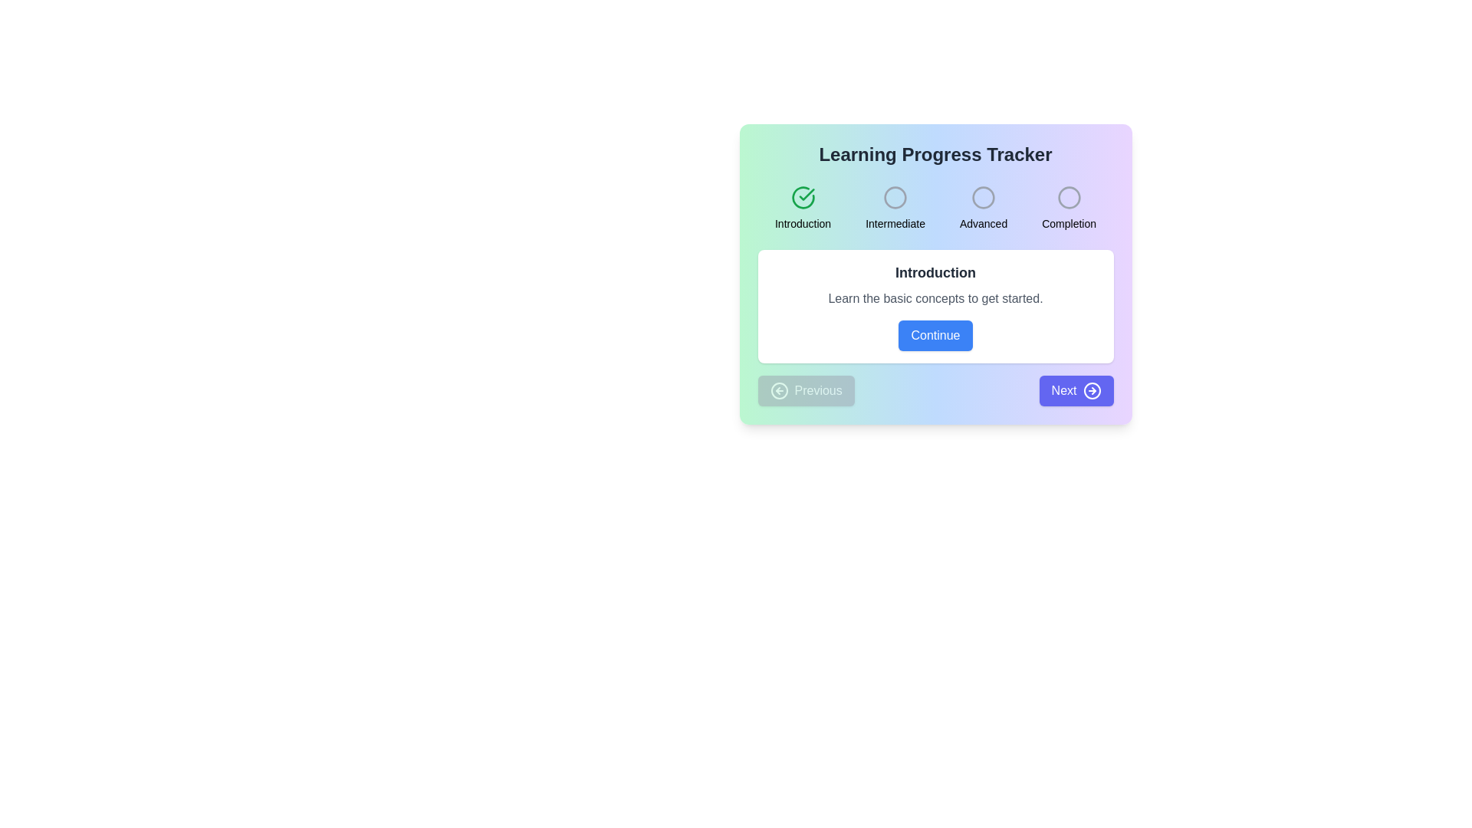 Image resolution: width=1472 pixels, height=828 pixels. Describe the element at coordinates (984, 197) in the screenshot. I see `the 'Advanced' step circular UI indicator in the Learning Progress Tracker, which is the third circle in a sequence of four` at that location.